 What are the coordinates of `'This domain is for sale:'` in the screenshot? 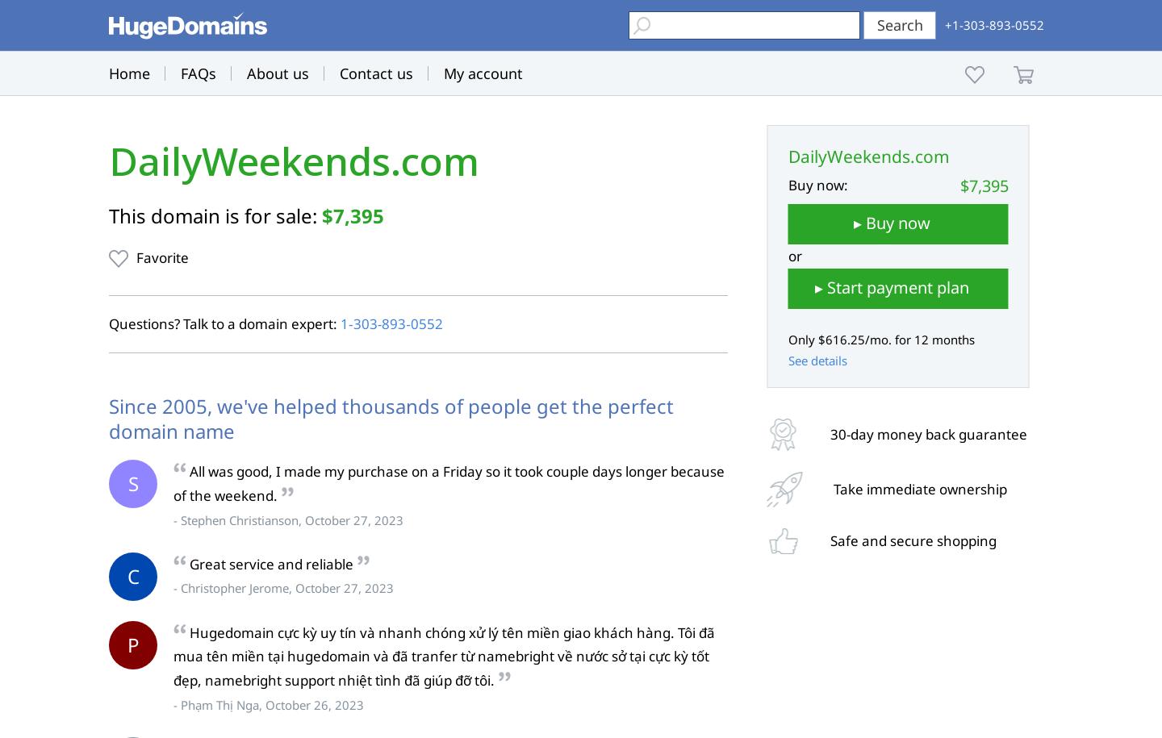 It's located at (214, 215).